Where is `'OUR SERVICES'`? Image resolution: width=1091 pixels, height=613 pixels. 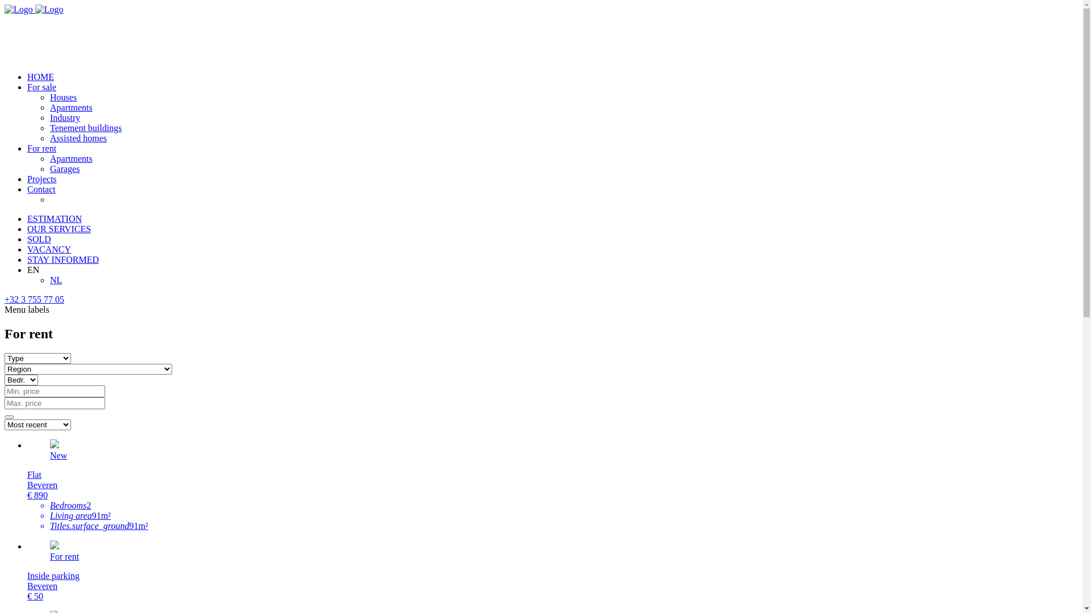 'OUR SERVICES' is located at coordinates (27, 229).